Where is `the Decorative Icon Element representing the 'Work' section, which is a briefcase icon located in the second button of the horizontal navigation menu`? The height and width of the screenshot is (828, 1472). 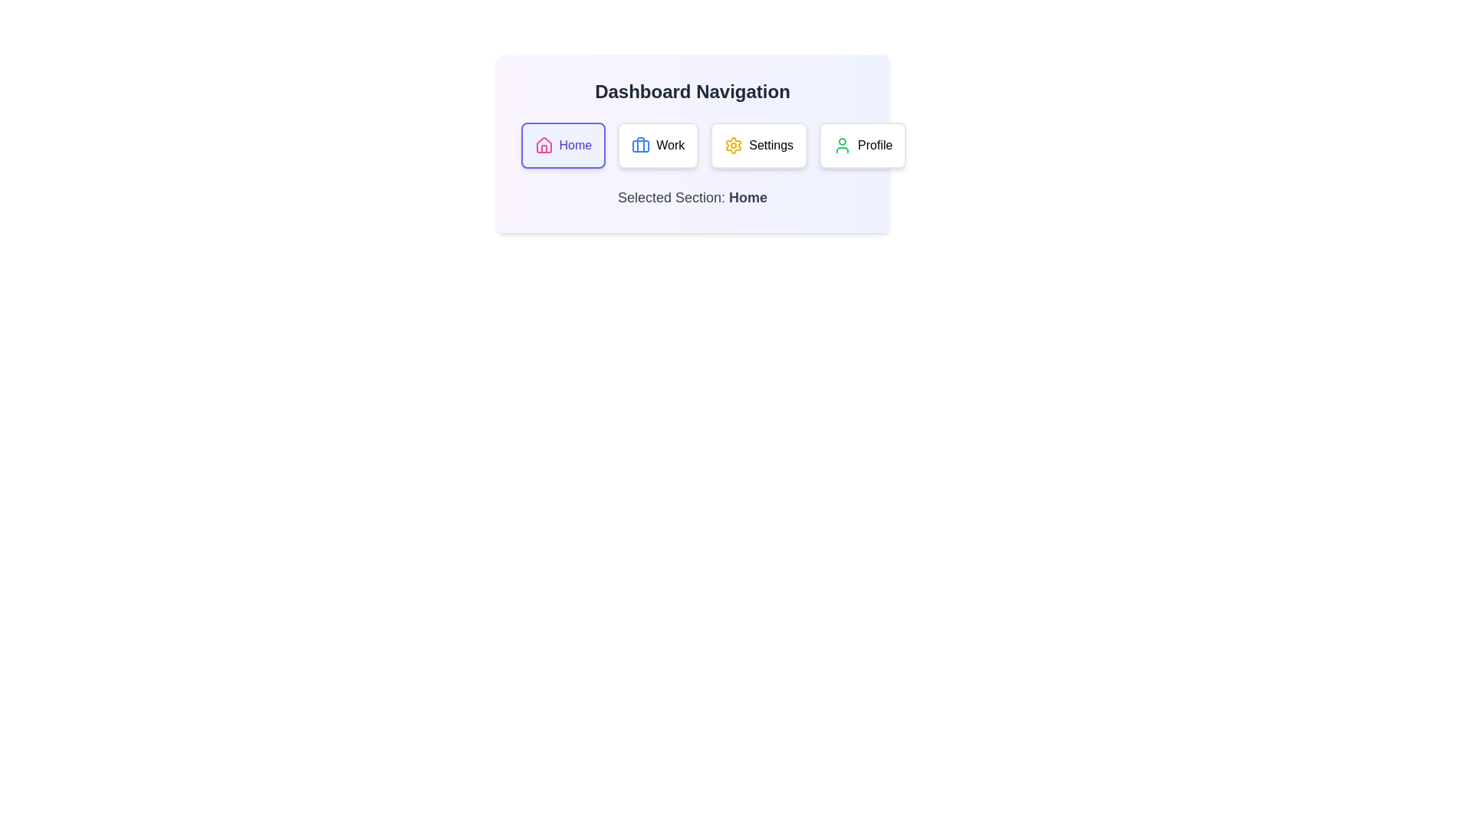
the Decorative Icon Element representing the 'Work' section, which is a briefcase icon located in the second button of the horizontal navigation menu is located at coordinates (641, 145).